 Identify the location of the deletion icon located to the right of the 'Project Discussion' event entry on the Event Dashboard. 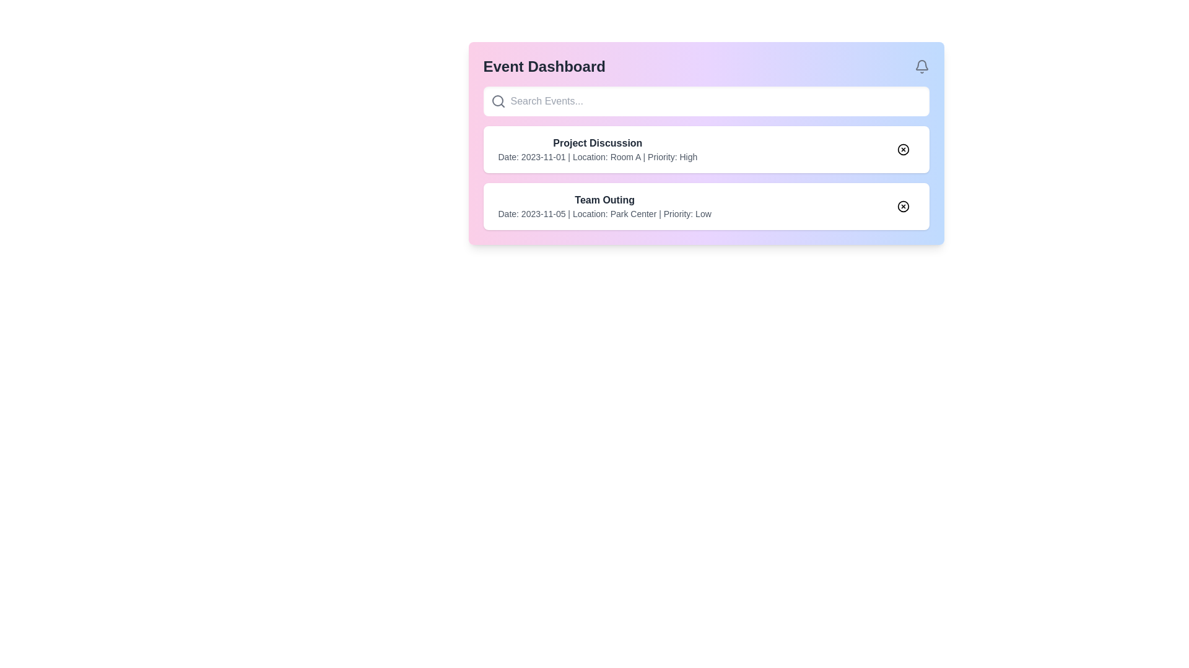
(903, 149).